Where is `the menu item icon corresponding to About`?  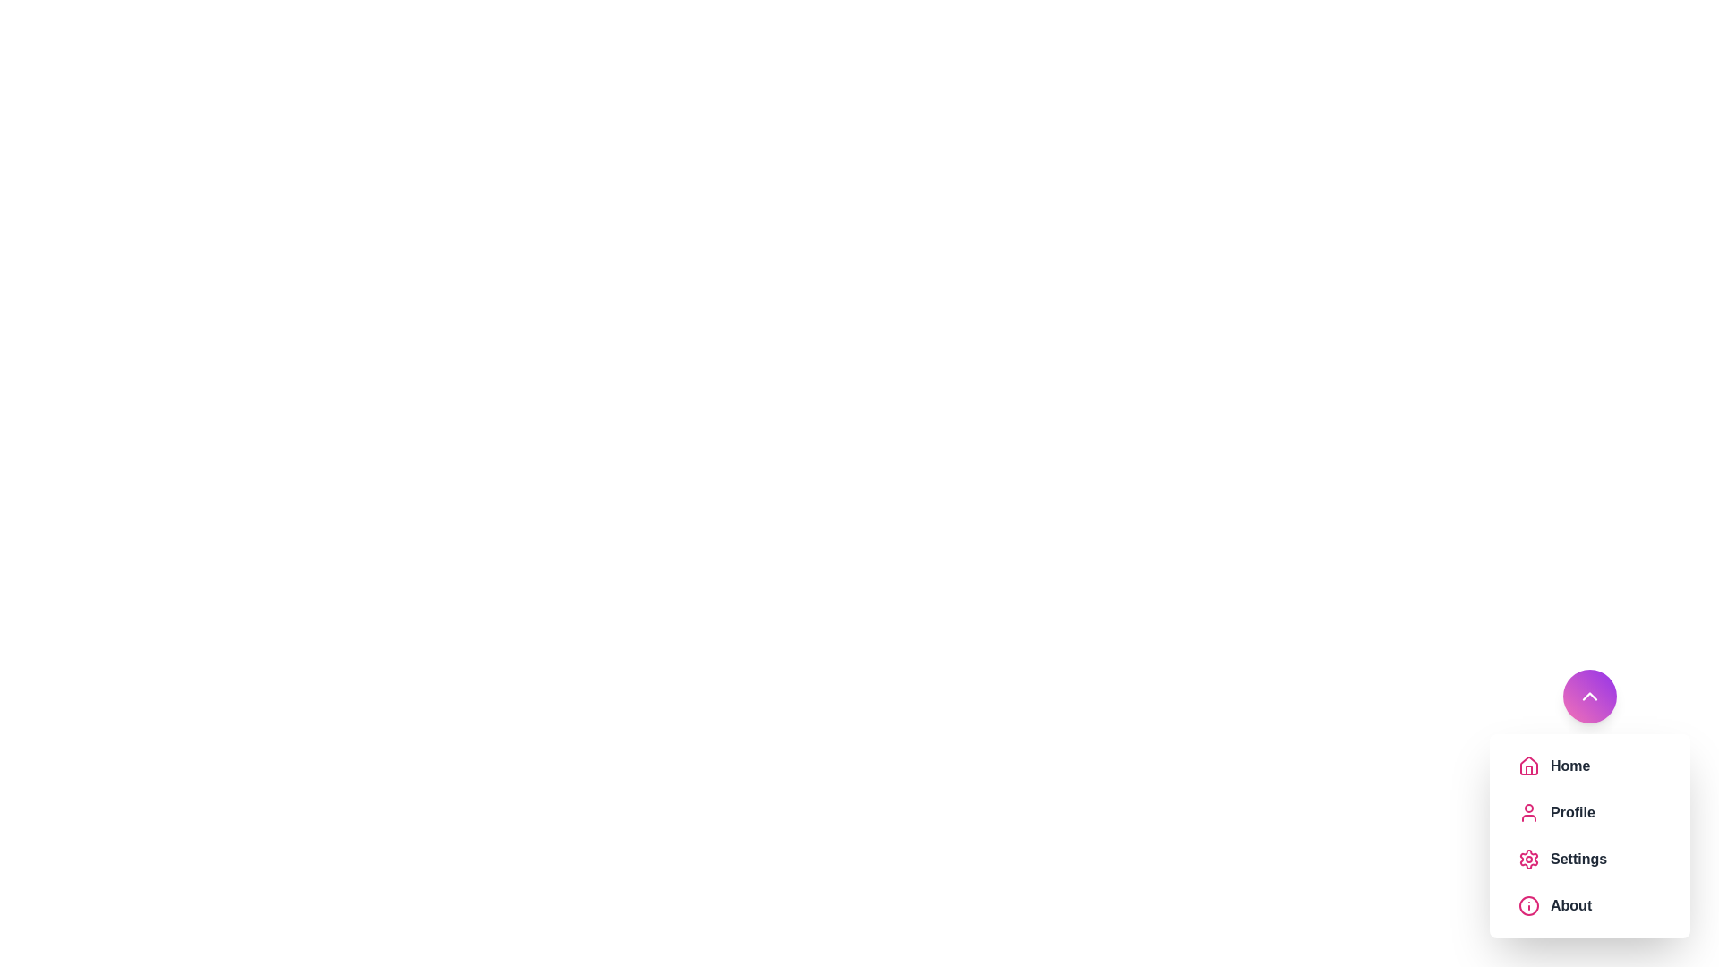
the menu item icon corresponding to About is located at coordinates (1528, 905).